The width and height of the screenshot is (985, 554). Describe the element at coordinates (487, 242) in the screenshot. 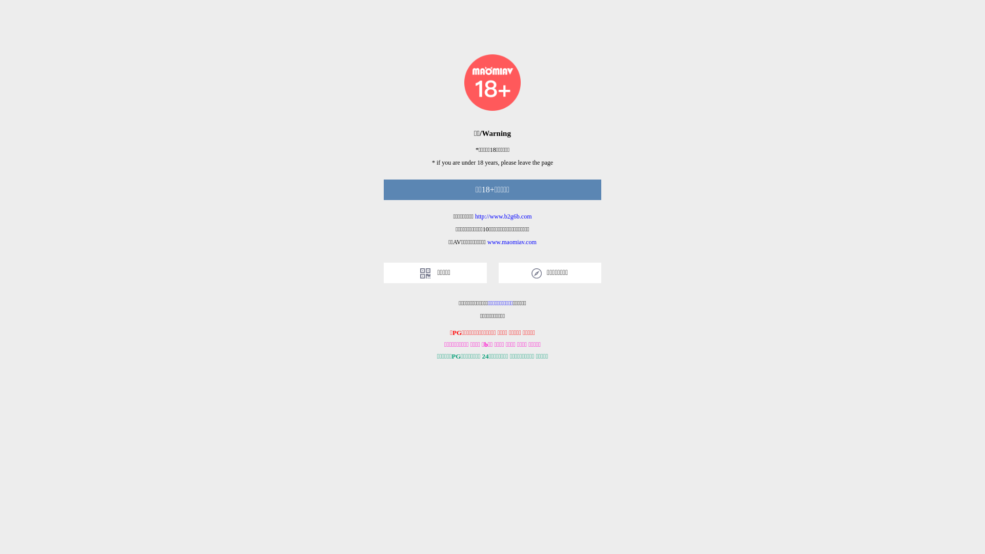

I see `'www.maomiav.com'` at that location.